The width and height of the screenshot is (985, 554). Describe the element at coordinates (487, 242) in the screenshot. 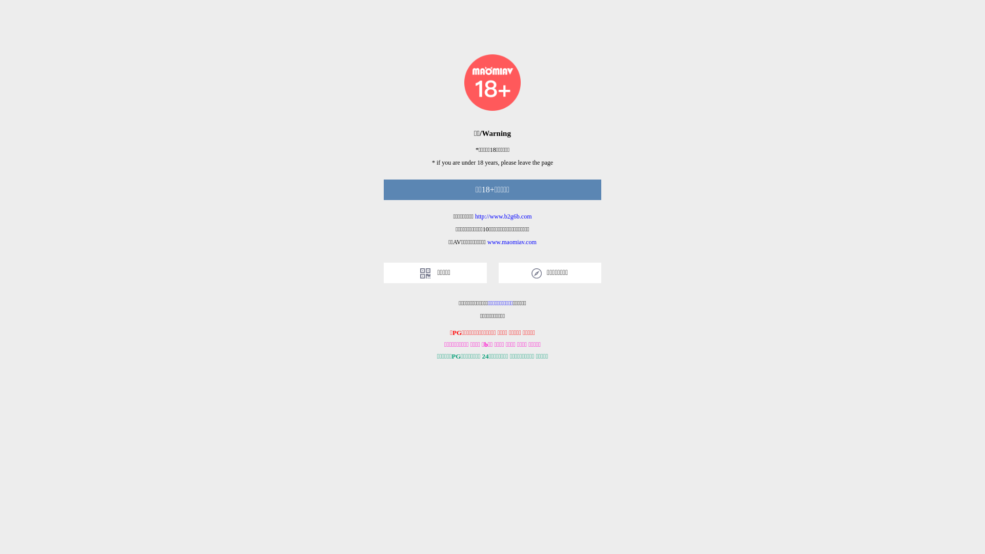

I see `'www.maomiav.com'` at that location.